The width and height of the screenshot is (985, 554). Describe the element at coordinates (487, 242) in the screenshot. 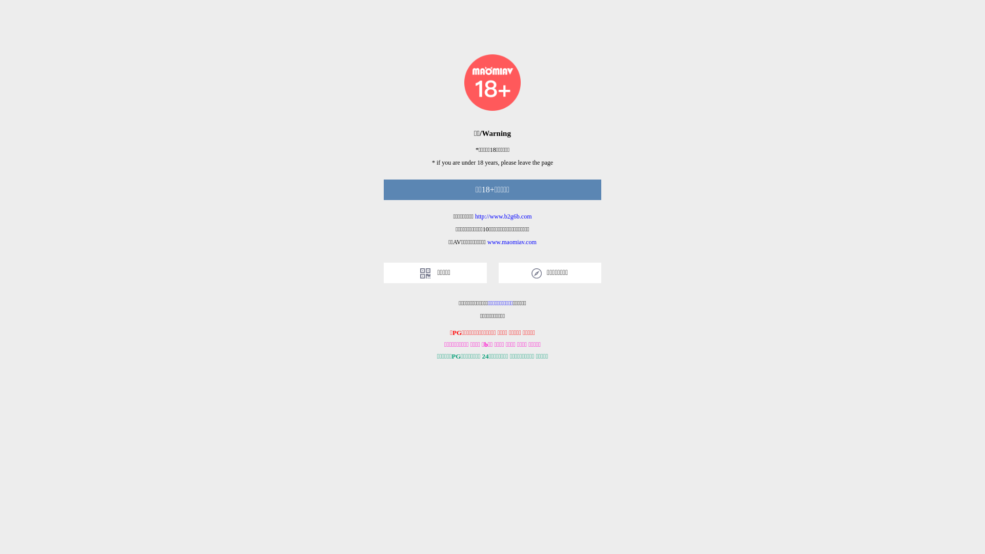

I see `'www.maomiav.com'` at that location.